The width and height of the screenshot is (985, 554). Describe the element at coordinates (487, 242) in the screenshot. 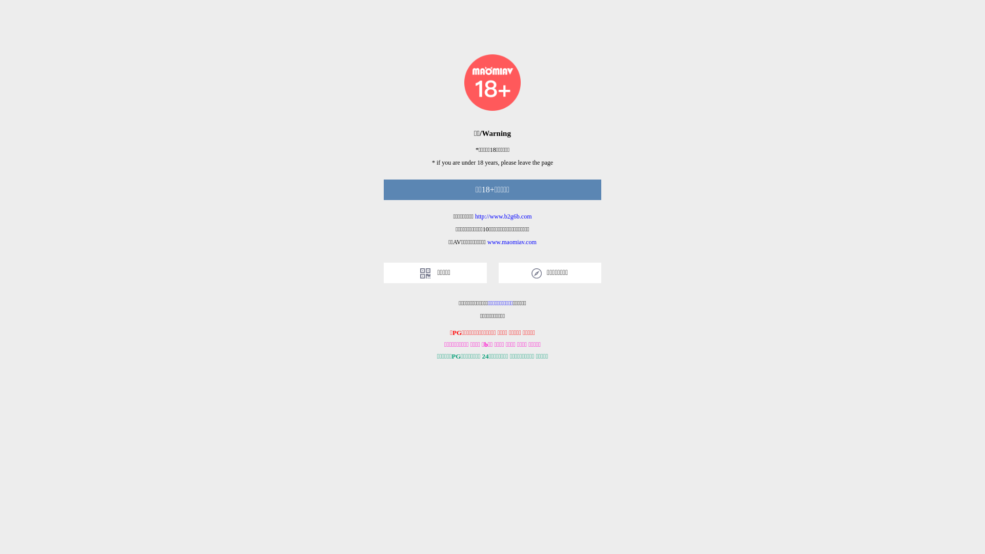

I see `'www.maomiav.com'` at that location.